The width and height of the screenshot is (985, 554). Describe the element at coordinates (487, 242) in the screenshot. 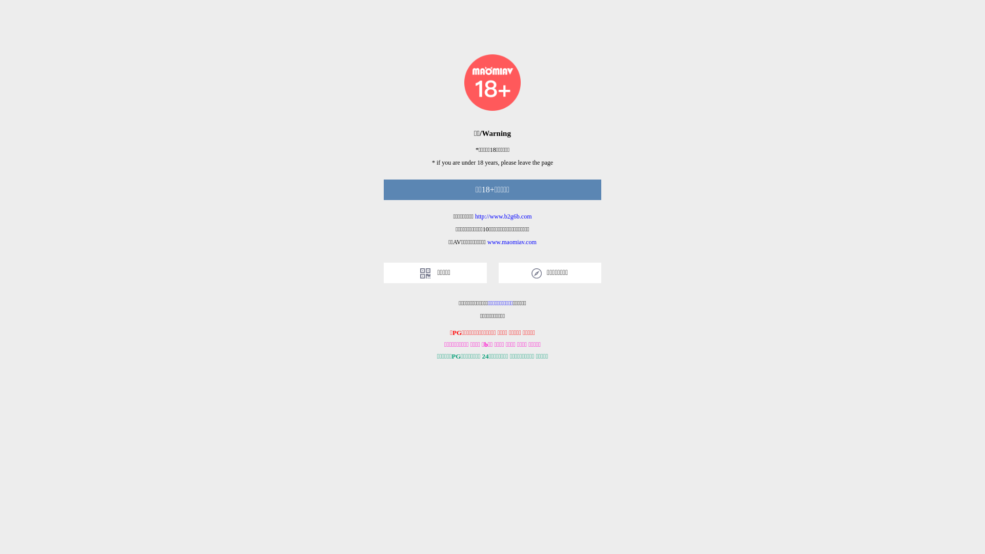

I see `'www.maomiav.com'` at that location.